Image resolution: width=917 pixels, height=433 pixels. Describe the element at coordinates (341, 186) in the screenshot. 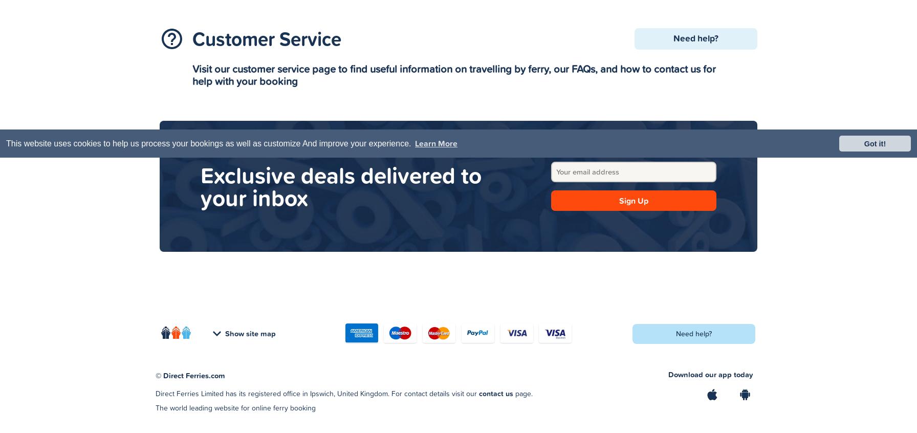

I see `'Exclusive deals delivered to your inbox'` at that location.